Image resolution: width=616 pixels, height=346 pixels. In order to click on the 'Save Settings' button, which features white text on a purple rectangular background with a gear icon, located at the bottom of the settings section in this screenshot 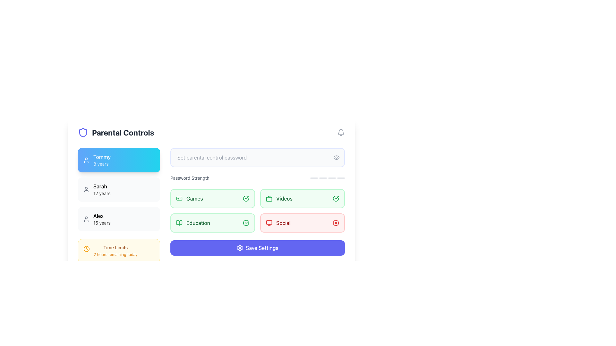, I will do `click(257, 248)`.